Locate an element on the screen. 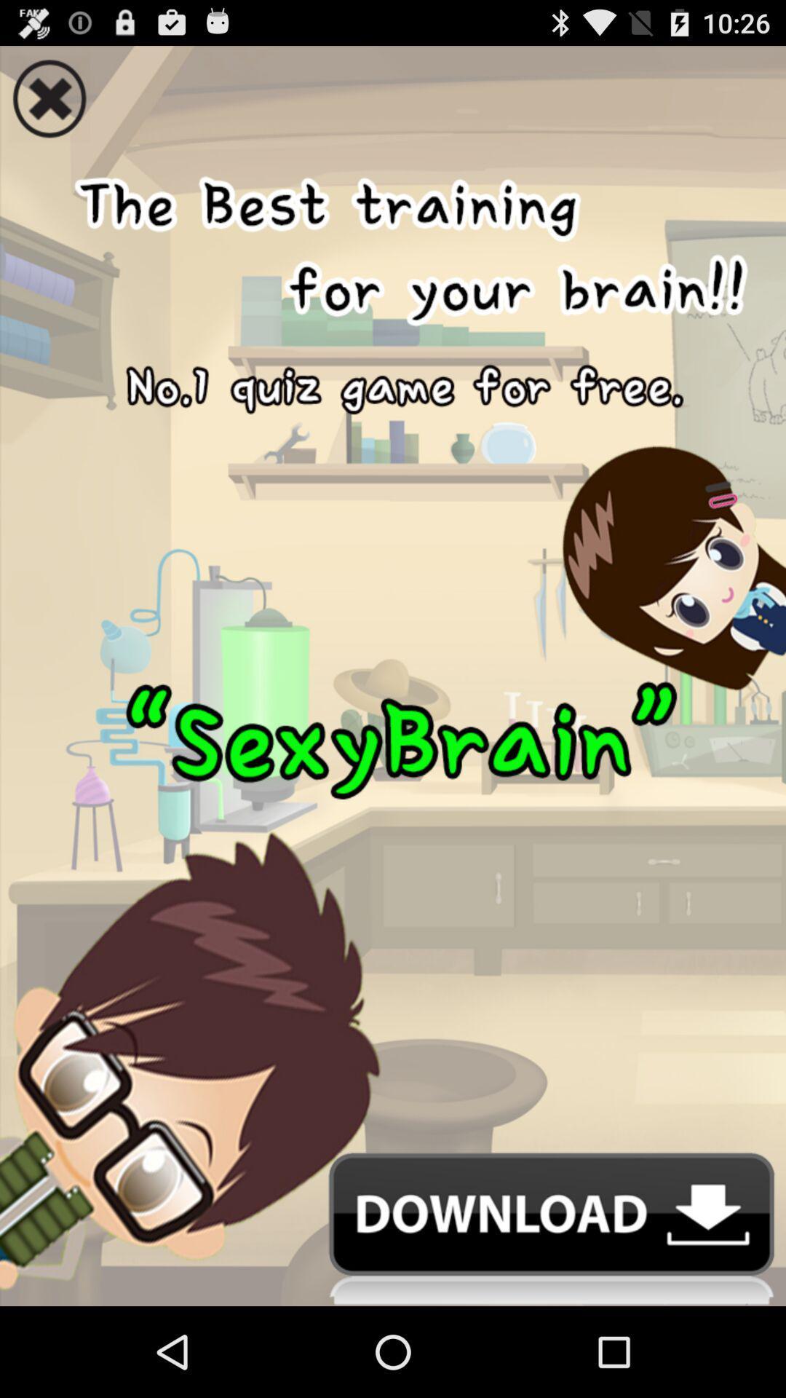 The width and height of the screenshot is (786, 1398). download app is located at coordinates (393, 1228).